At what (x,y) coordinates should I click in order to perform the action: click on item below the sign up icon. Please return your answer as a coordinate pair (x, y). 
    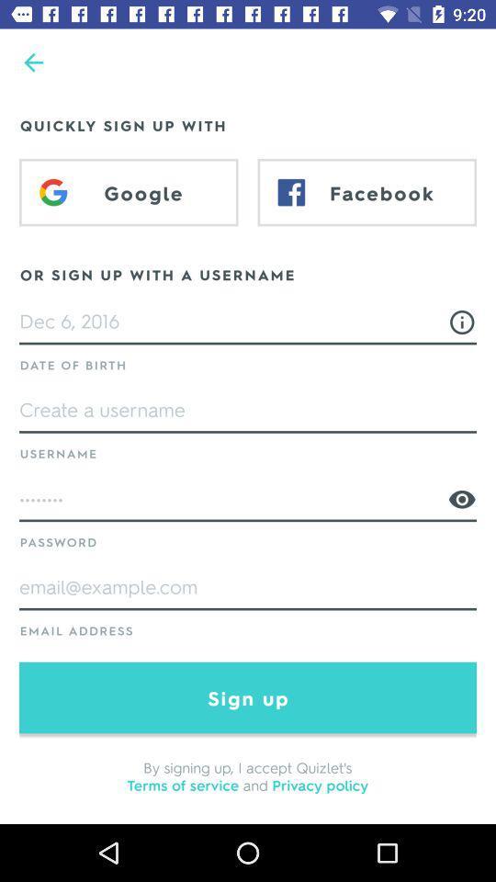
    Looking at the image, I should click on (247, 775).